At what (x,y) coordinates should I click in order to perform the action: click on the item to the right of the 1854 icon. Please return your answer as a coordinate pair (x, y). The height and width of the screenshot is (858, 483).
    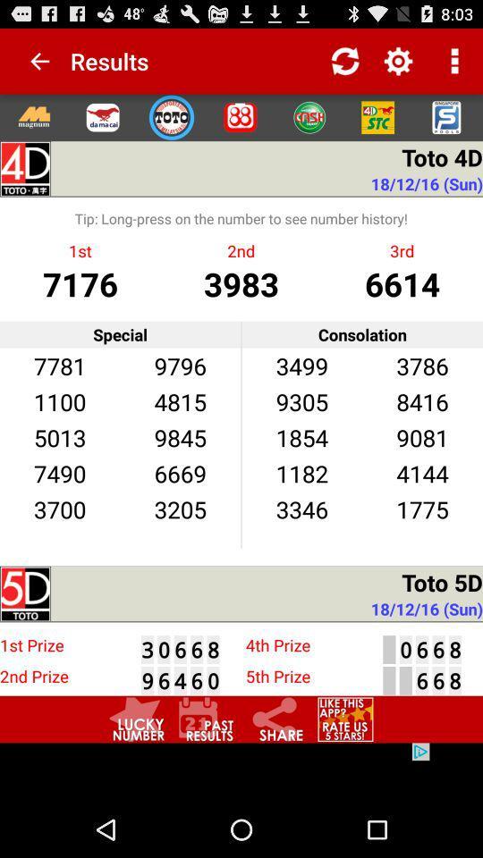
    Looking at the image, I should click on (422, 472).